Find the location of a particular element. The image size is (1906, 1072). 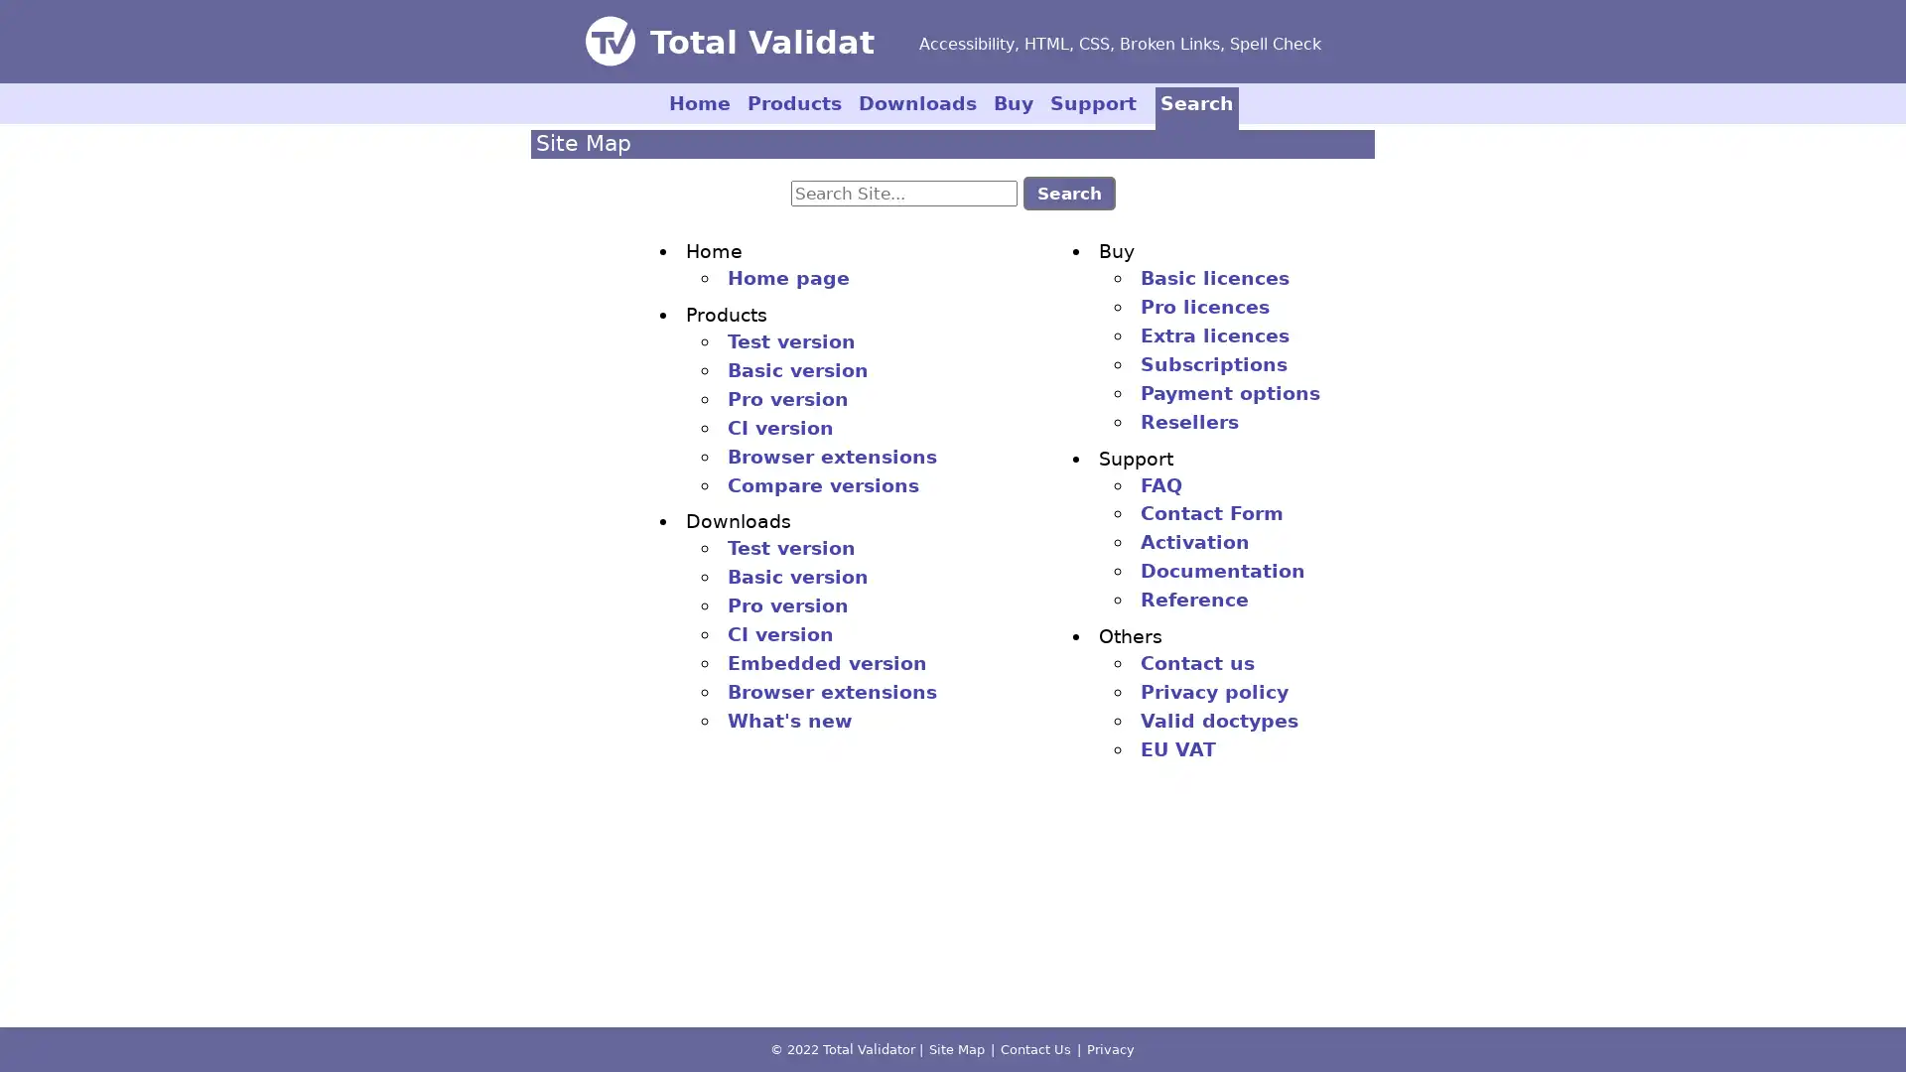

Search is located at coordinates (1067, 192).